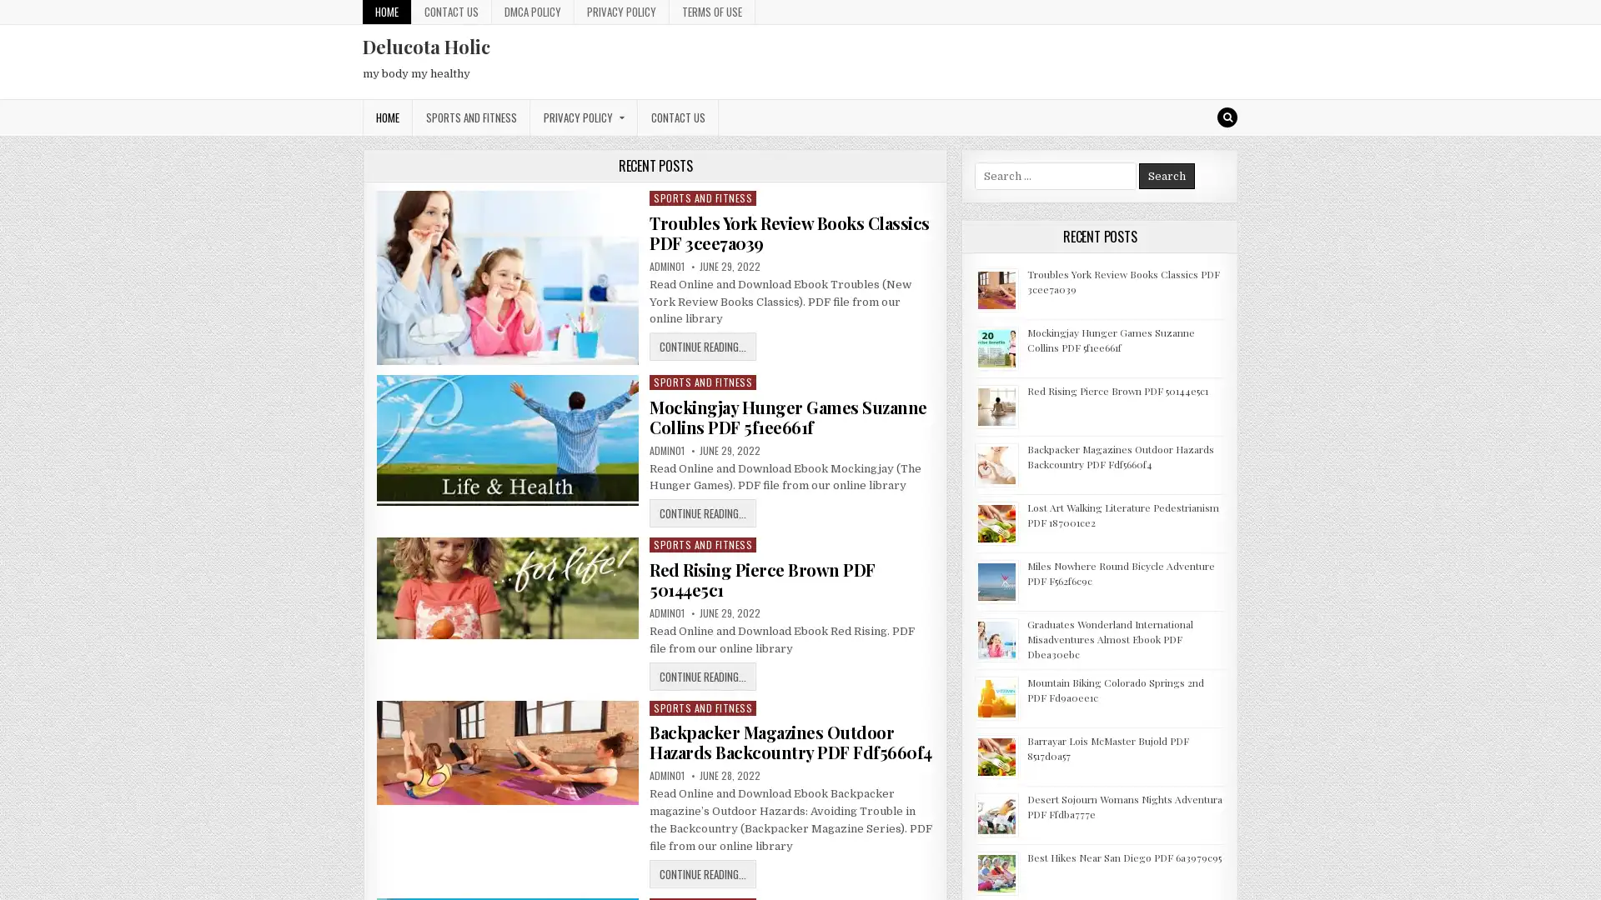 The height and width of the screenshot is (900, 1601). Describe the element at coordinates (1166, 176) in the screenshot. I see `Search` at that location.